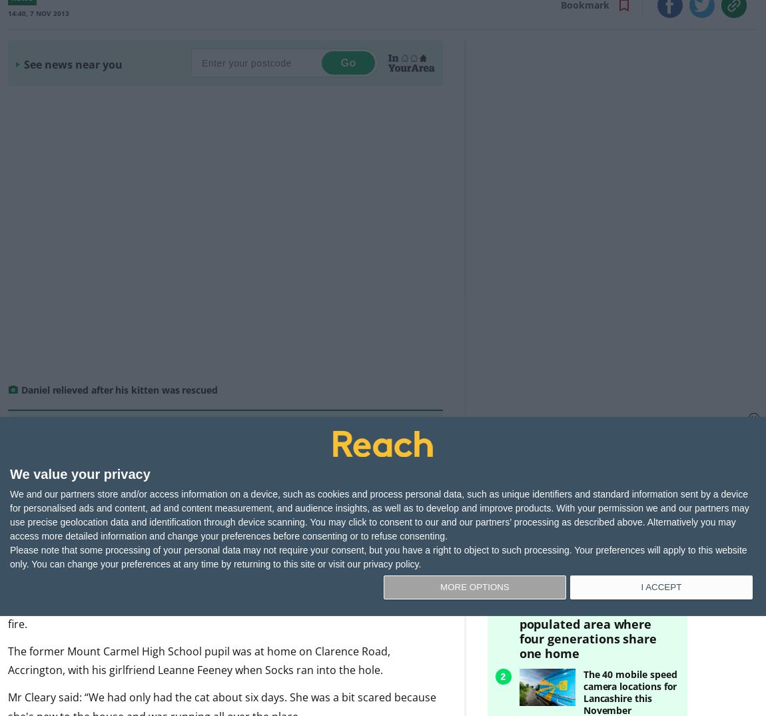  What do you see at coordinates (119, 368) in the screenshot?
I see `'Daniel relieved after his kitten was rescued'` at bounding box center [119, 368].